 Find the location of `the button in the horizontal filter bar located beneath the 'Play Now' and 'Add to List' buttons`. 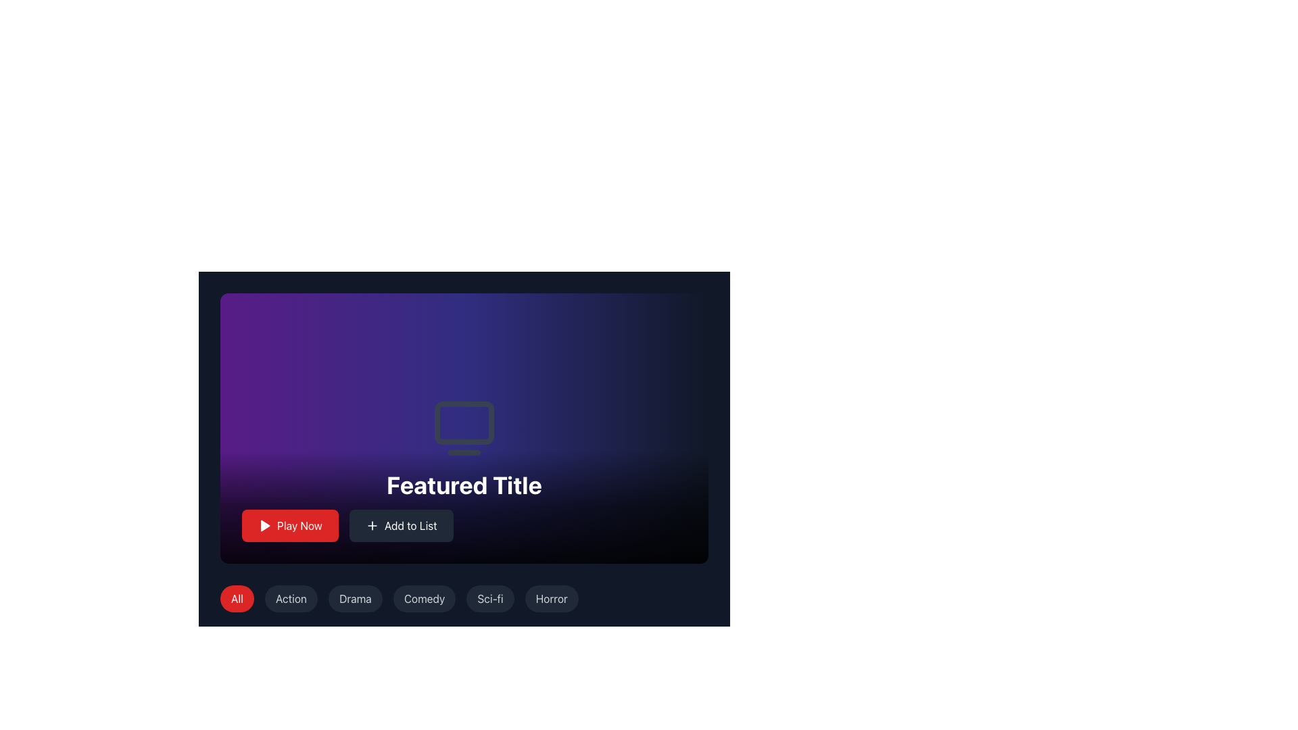

the button in the horizontal filter bar located beneath the 'Play Now' and 'Add to List' buttons is located at coordinates (464, 604).